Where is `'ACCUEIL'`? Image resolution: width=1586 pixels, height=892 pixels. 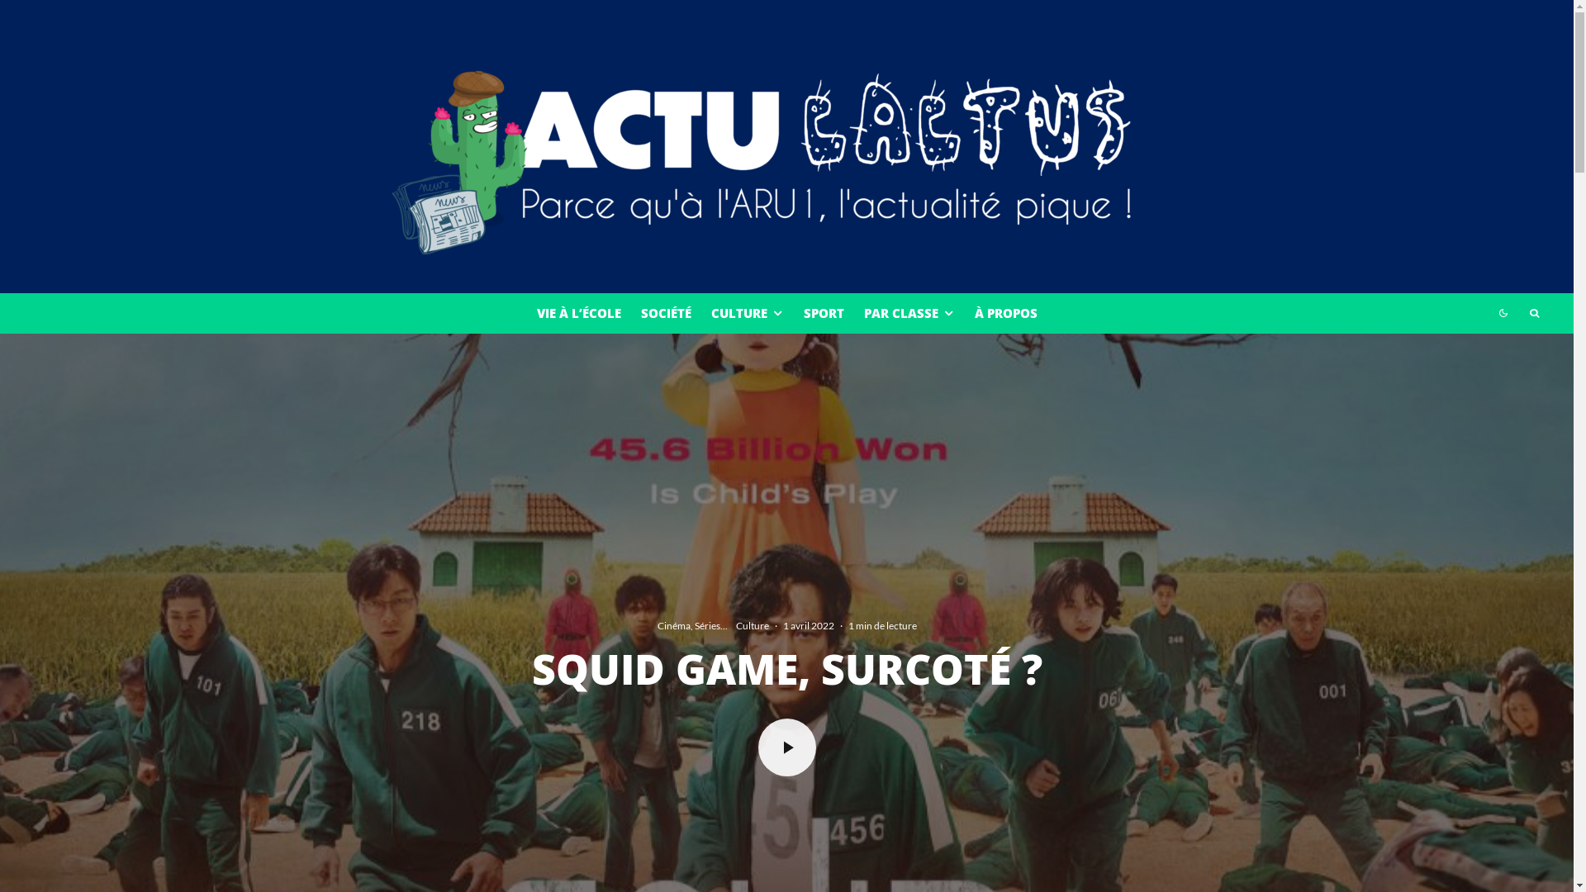
'ACCUEIL' is located at coordinates (752, 659).